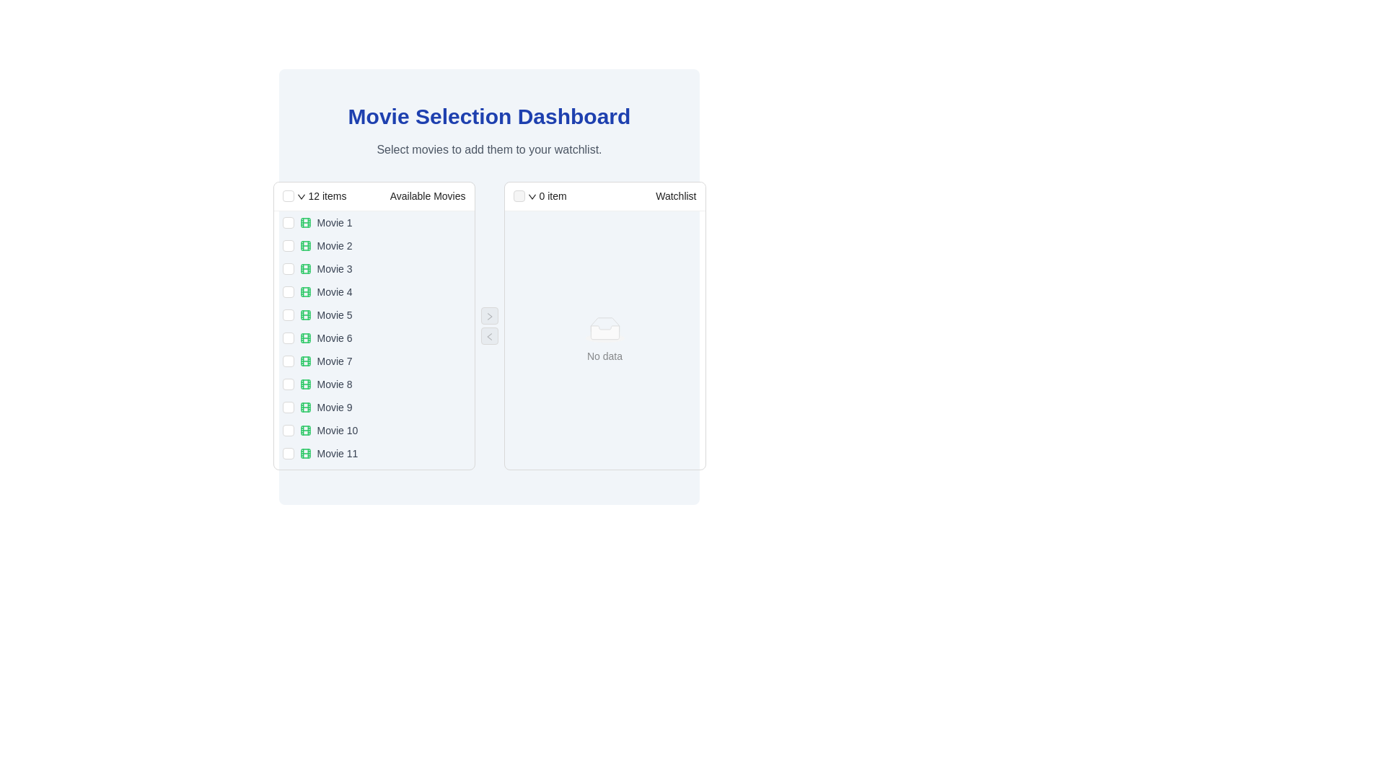 The image size is (1385, 779). Describe the element at coordinates (288, 383) in the screenshot. I see `on the checkbox for 'Movie 8' in the Movie Selection Dashboard` at that location.